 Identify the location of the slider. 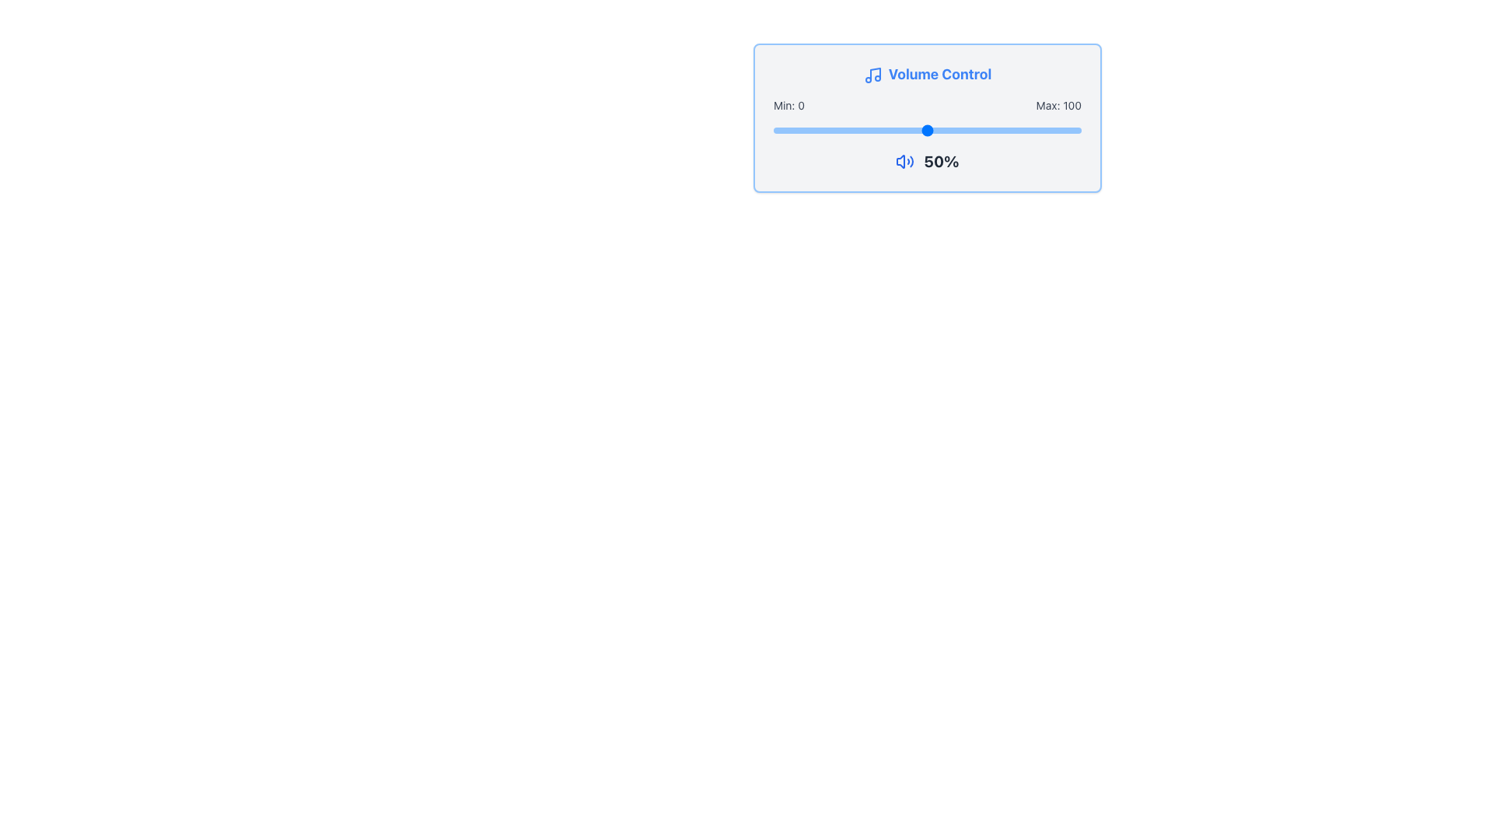
(875, 130).